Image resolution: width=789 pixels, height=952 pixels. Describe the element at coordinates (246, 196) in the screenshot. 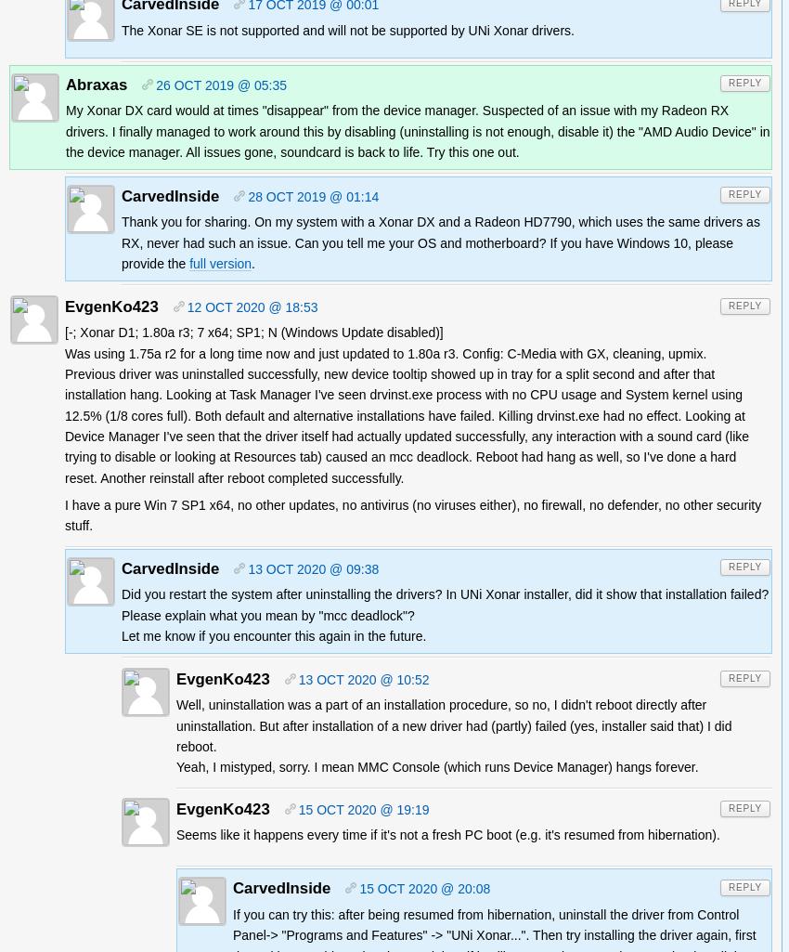

I see `'28 Oct 2019 @ 01:14'` at that location.